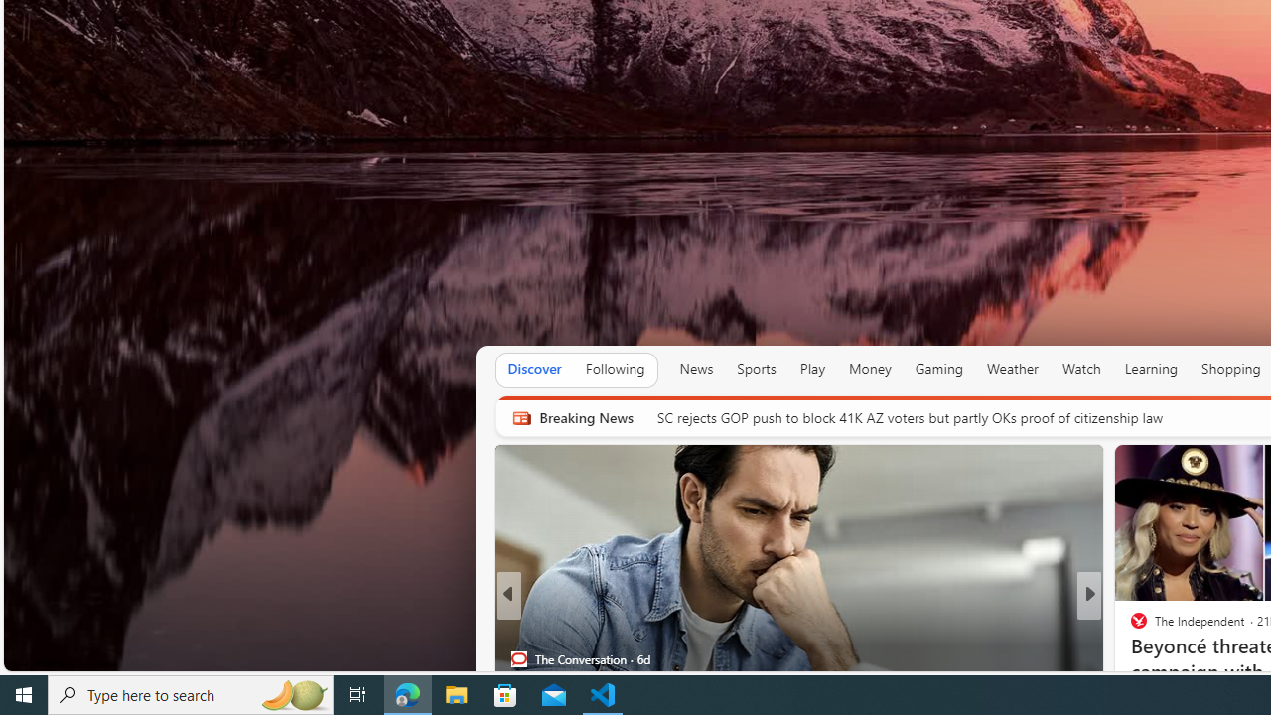  What do you see at coordinates (1130, 628) in the screenshot?
I see `'Inverse'` at bounding box center [1130, 628].